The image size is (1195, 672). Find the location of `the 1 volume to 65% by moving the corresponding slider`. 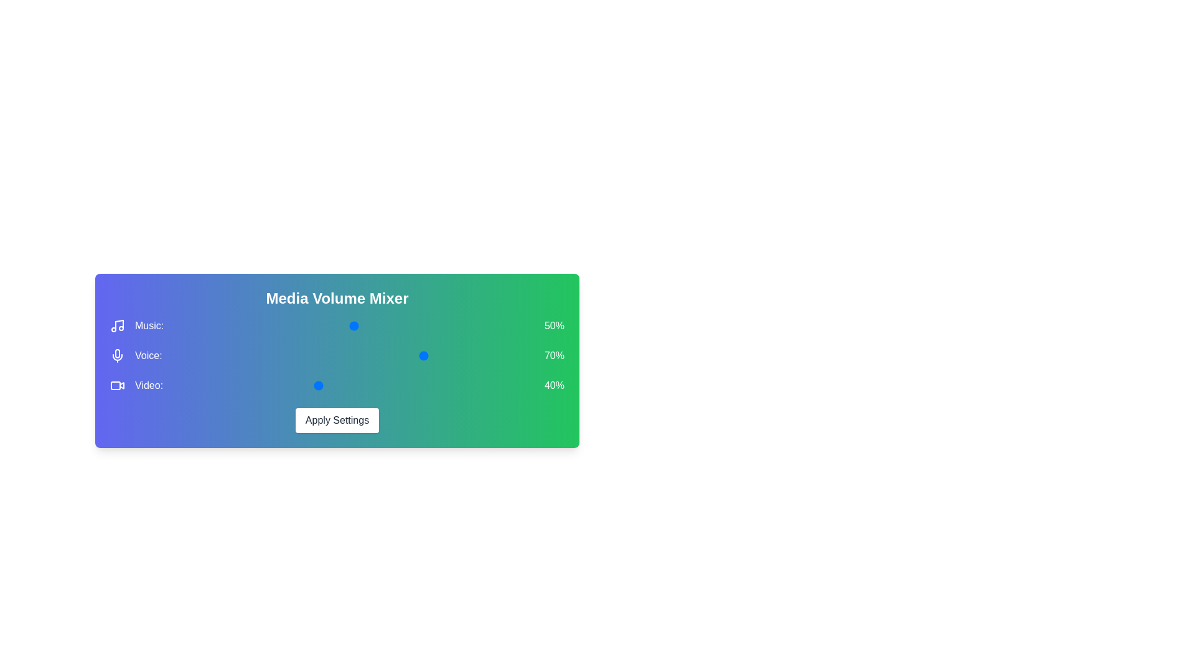

the 1 volume to 65% by moving the corresponding slider is located at coordinates (471, 355).